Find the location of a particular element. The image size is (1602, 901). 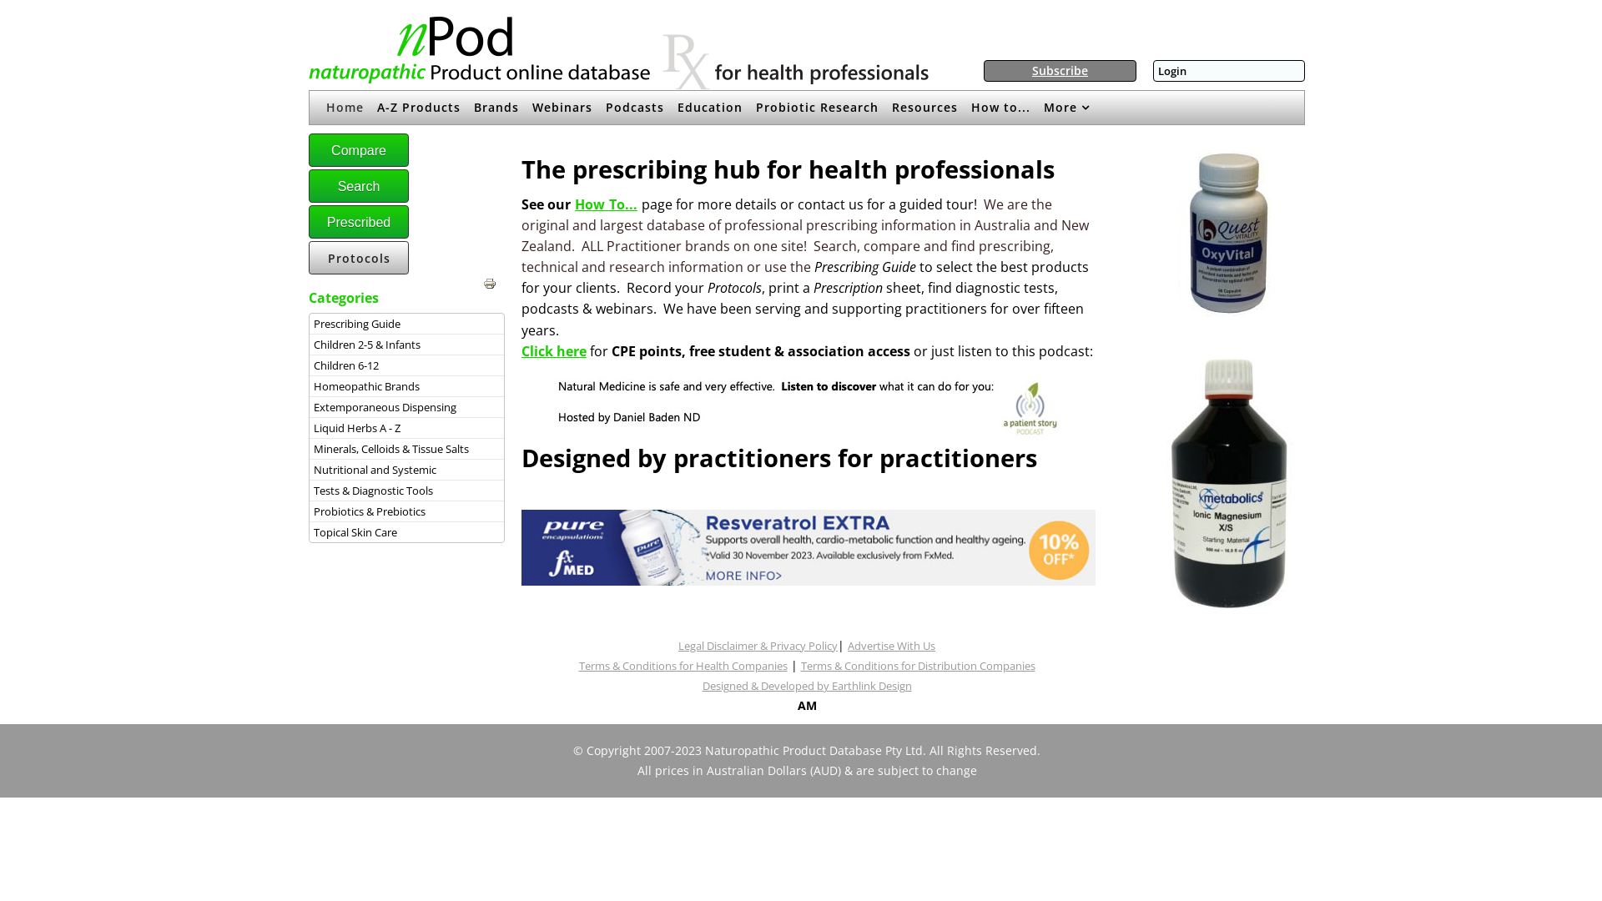

'Education' is located at coordinates (709, 107).